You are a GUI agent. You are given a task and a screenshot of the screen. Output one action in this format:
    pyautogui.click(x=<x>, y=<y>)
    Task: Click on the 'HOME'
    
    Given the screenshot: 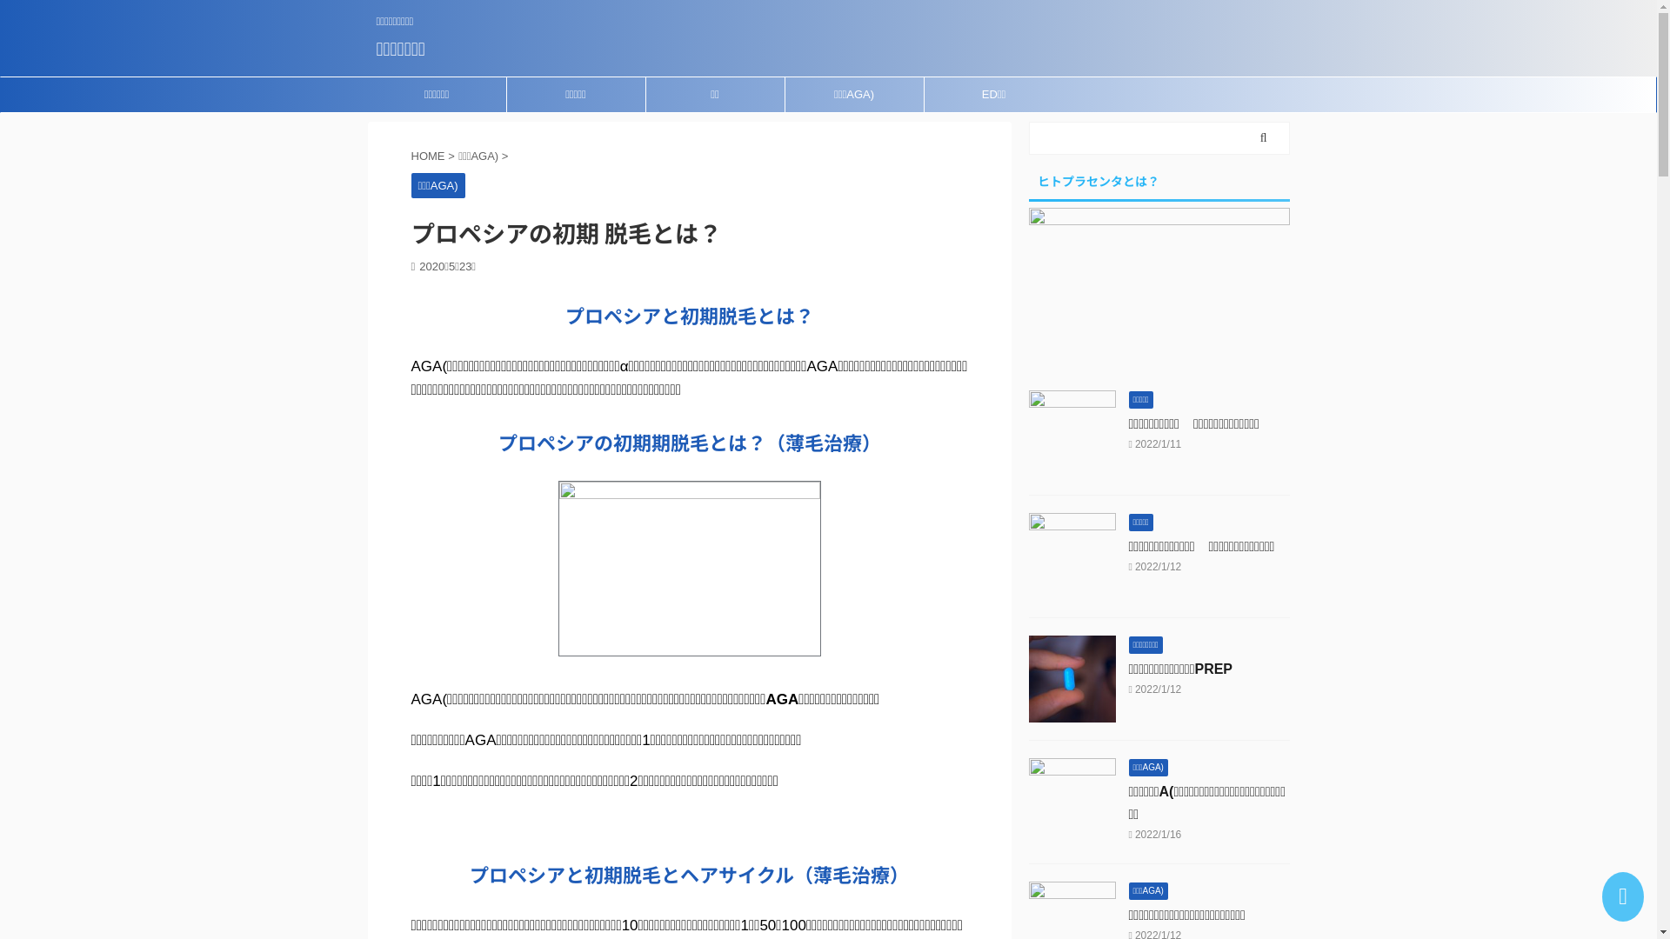 What is the action you would take?
    pyautogui.click(x=409, y=155)
    